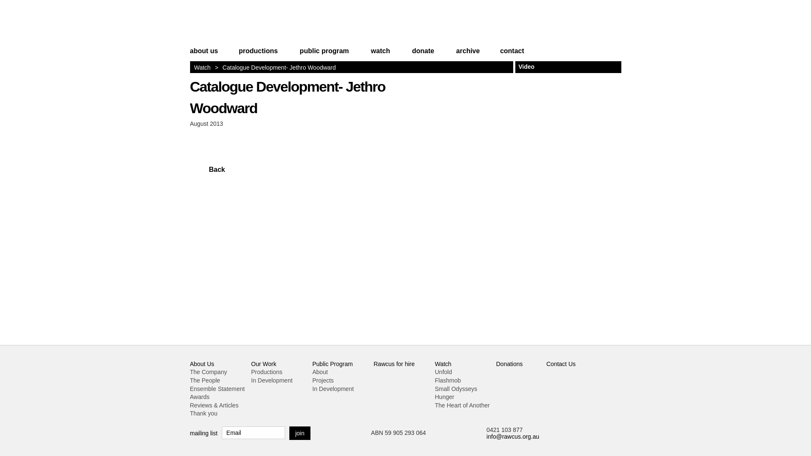 This screenshot has height=456, width=811. What do you see at coordinates (202, 363) in the screenshot?
I see `'About Us'` at bounding box center [202, 363].